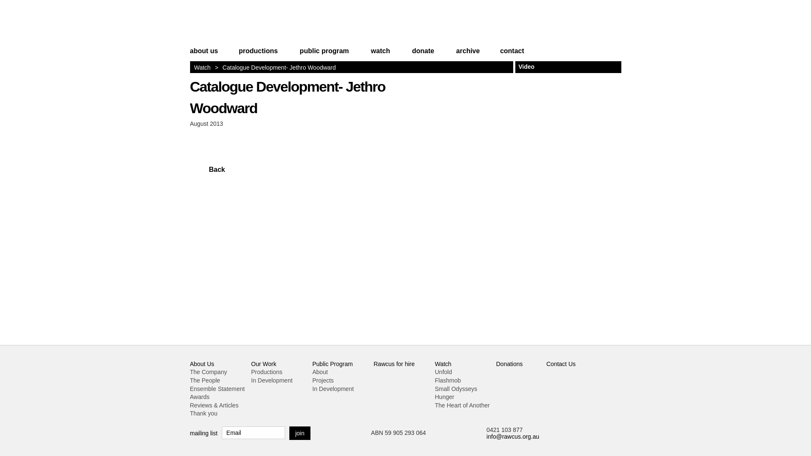 This screenshot has height=456, width=811. What do you see at coordinates (202, 363) in the screenshot?
I see `'About Us'` at bounding box center [202, 363].